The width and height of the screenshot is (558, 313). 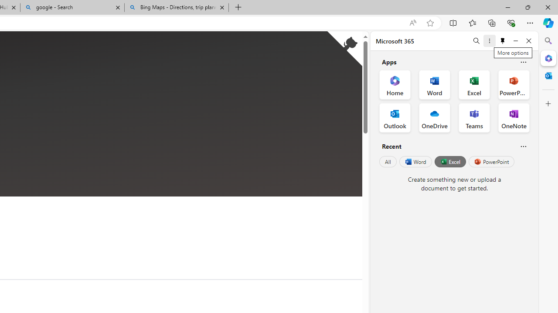 I want to click on 'Word', so click(x=415, y=162).